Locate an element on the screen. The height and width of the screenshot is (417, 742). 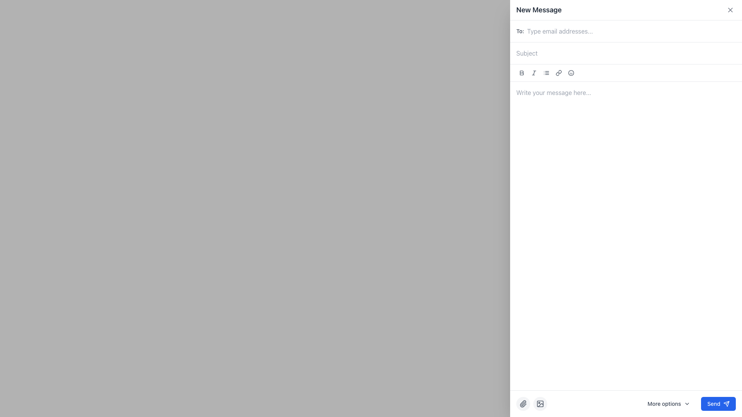
the chain link icon in the toolbar of the compose email interface to initiate the hyperlink adding process is located at coordinates (558, 73).